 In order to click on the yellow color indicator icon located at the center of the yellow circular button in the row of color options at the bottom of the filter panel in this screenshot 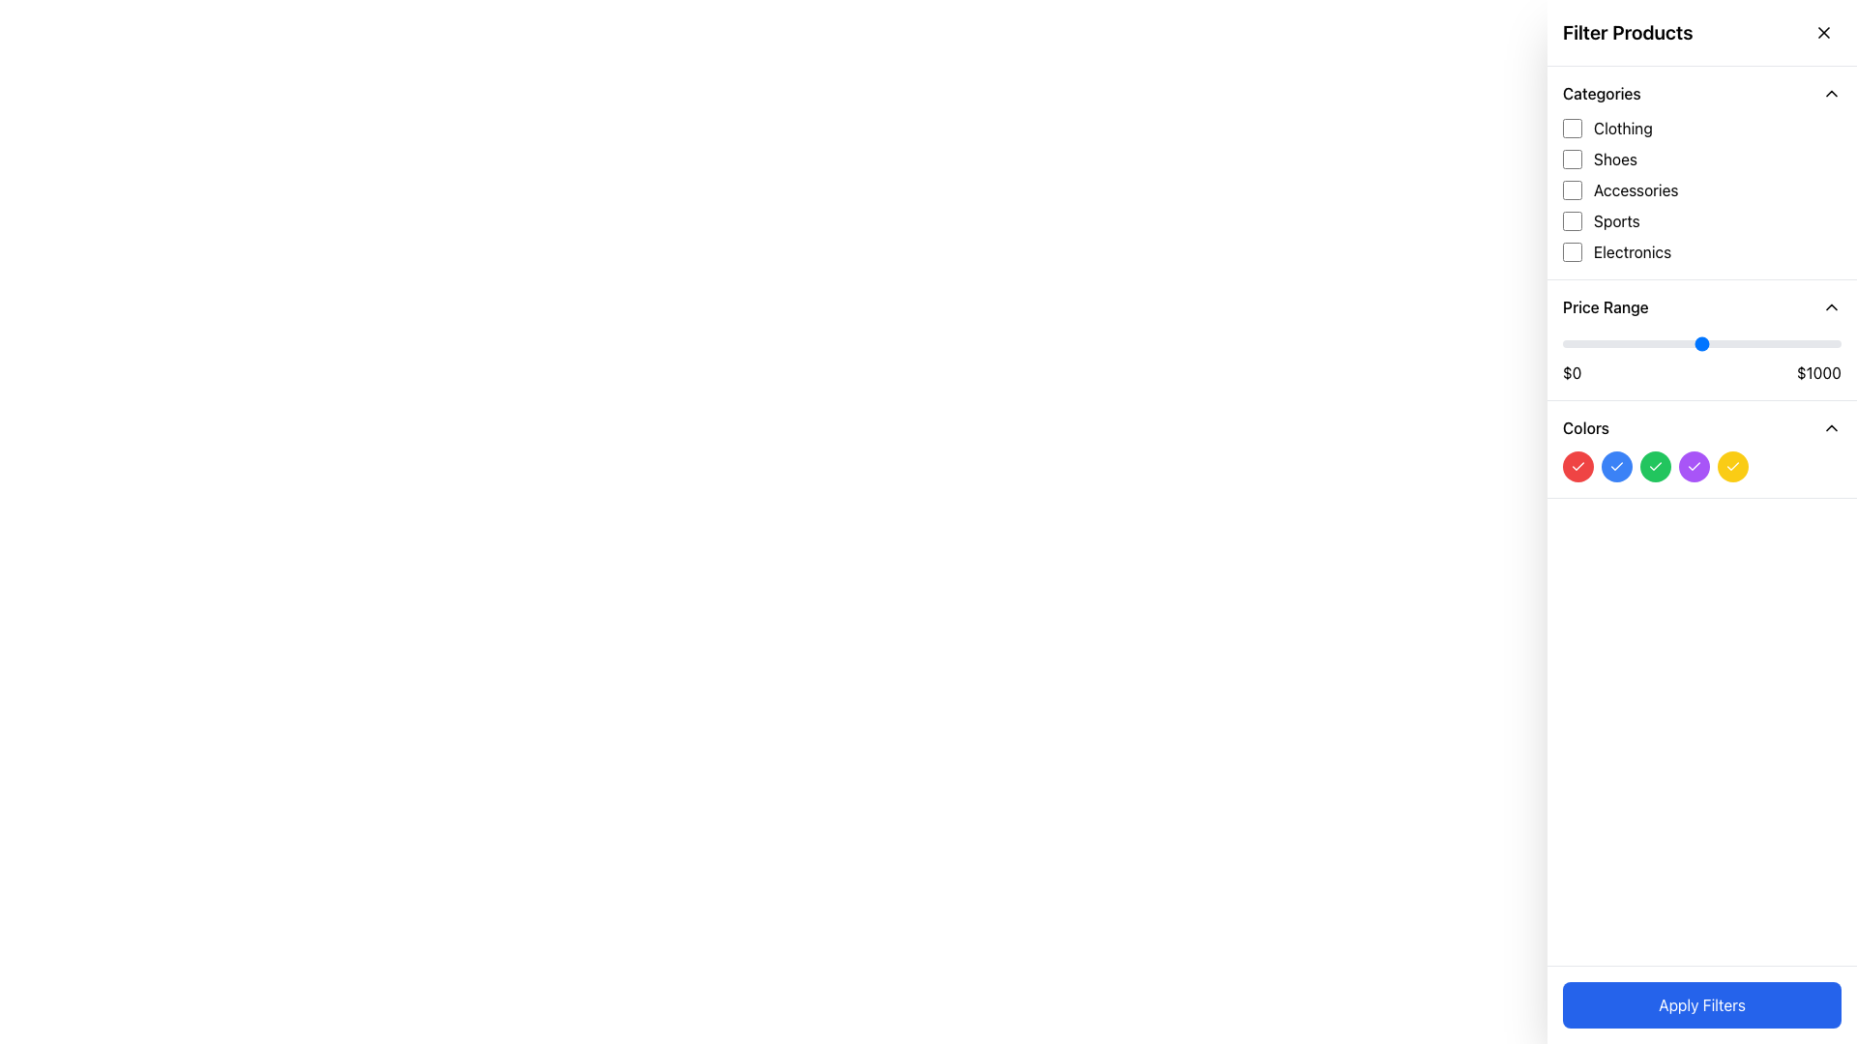, I will do `click(1732, 466)`.